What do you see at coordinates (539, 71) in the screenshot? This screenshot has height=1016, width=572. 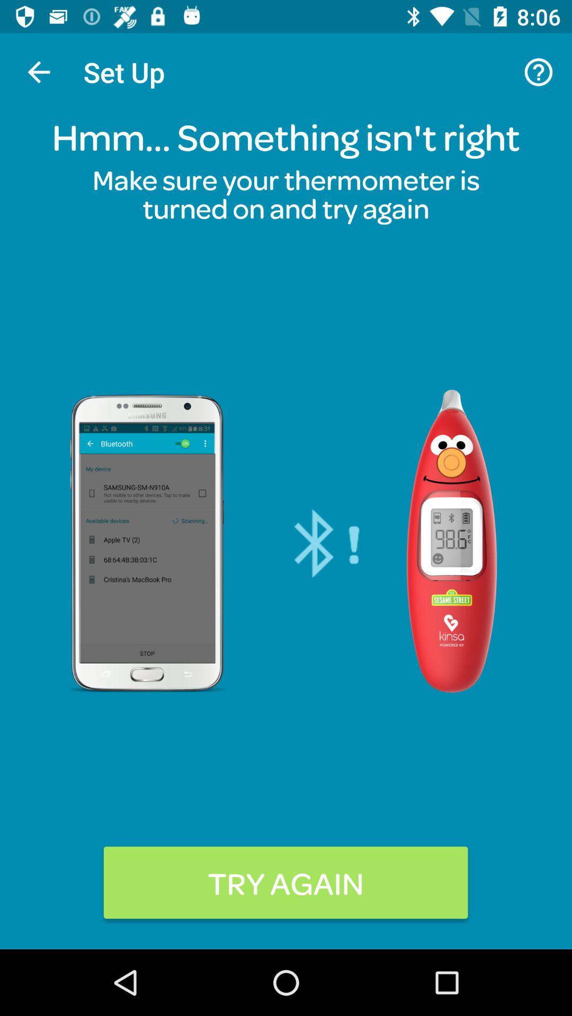 I see `item to the right of set up app` at bounding box center [539, 71].